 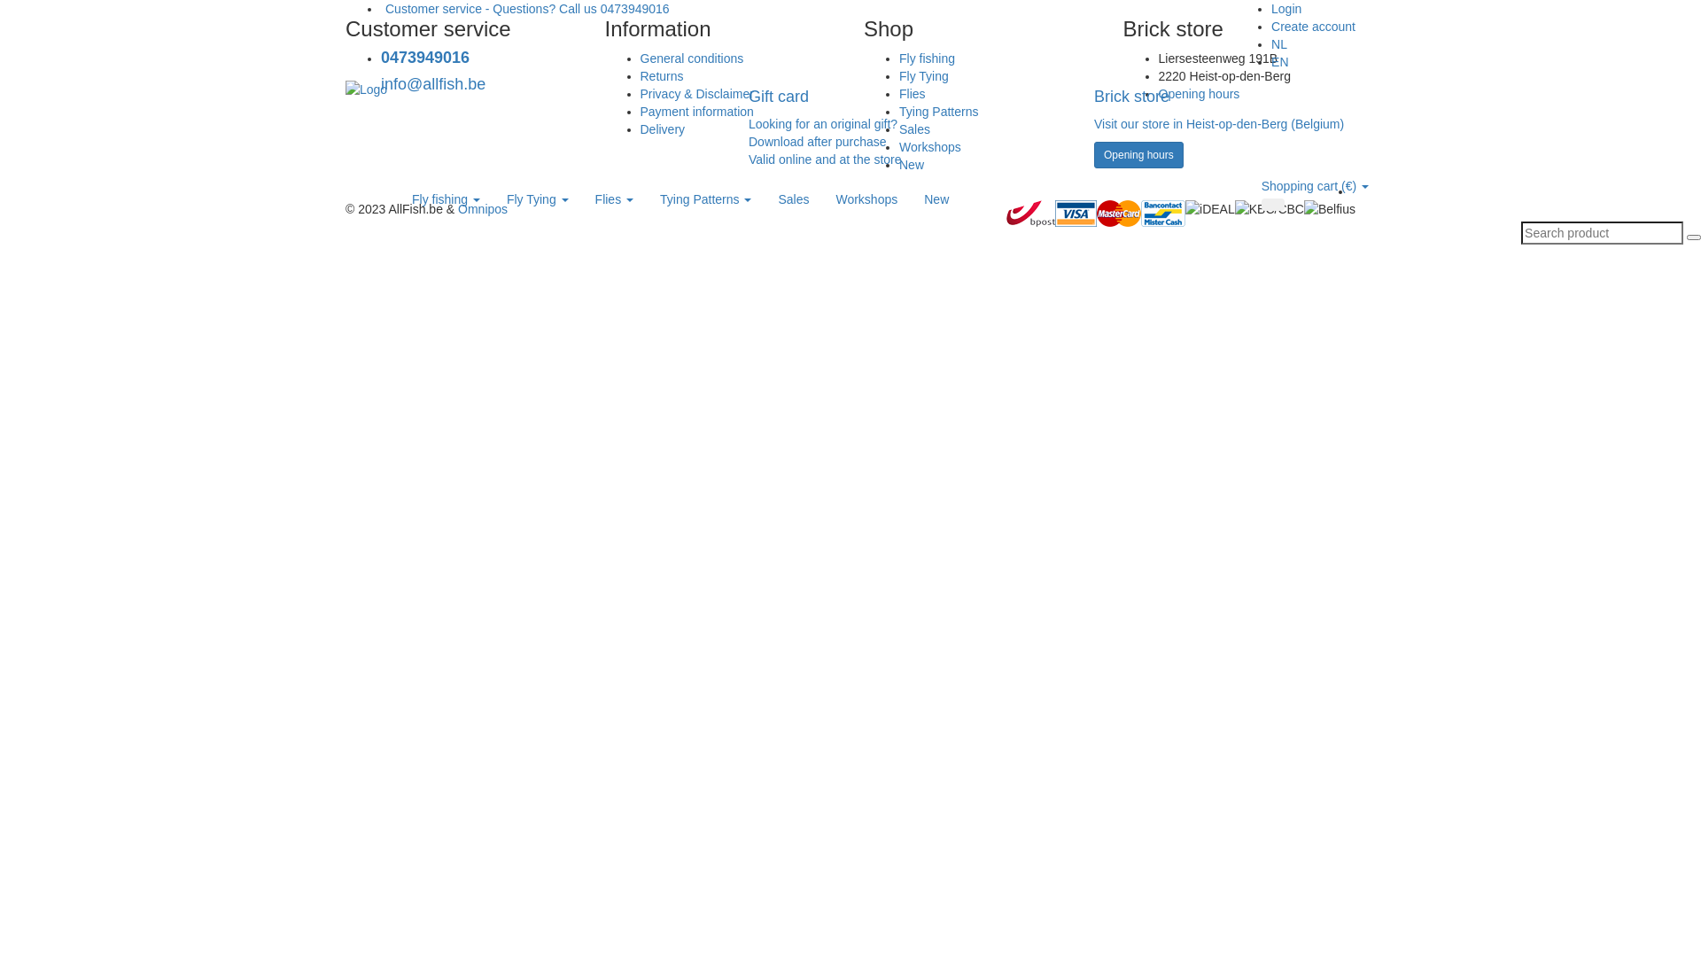 What do you see at coordinates (1270, 9) in the screenshot?
I see `'Login'` at bounding box center [1270, 9].